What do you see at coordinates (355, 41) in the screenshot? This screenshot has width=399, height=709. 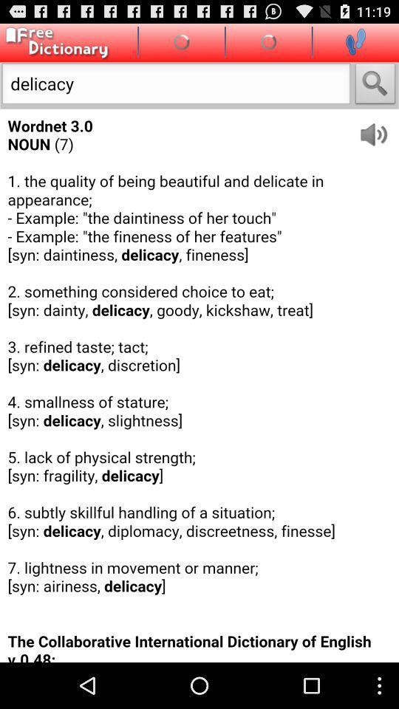 I see `leave page` at bounding box center [355, 41].